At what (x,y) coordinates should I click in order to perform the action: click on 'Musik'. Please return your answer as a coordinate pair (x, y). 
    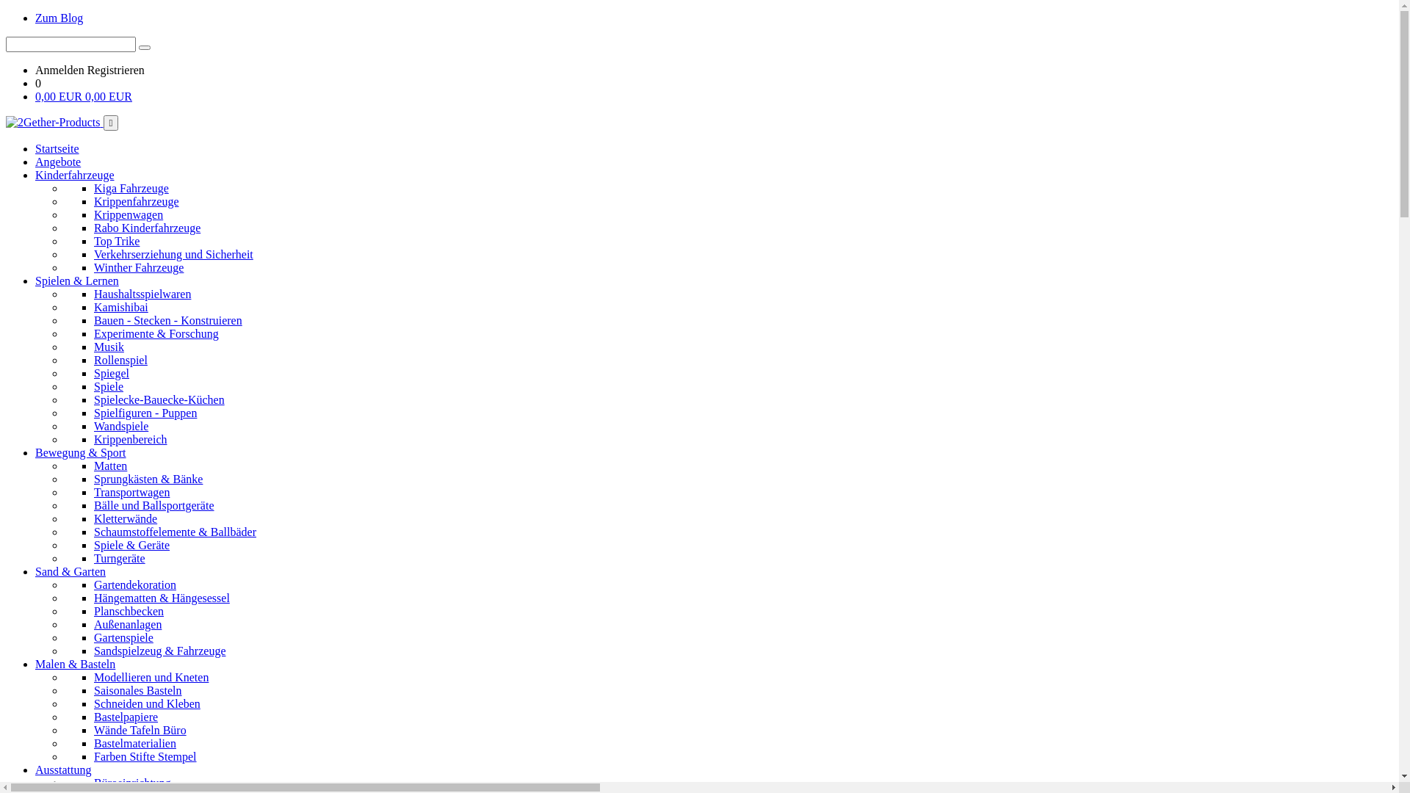
    Looking at the image, I should click on (93, 347).